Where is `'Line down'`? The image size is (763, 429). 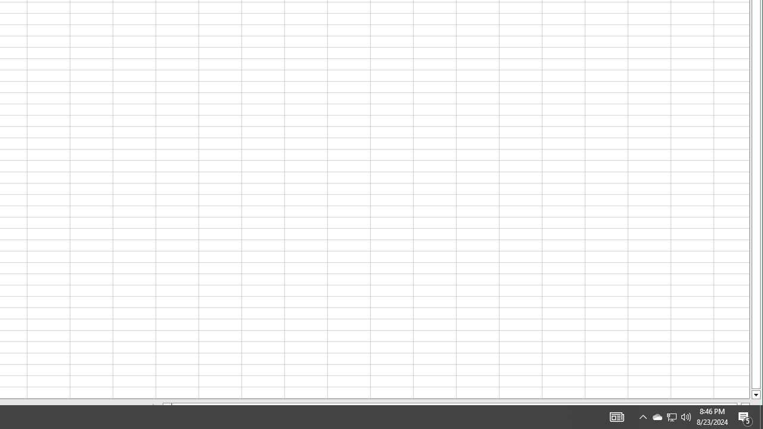 'Line down' is located at coordinates (755, 395).